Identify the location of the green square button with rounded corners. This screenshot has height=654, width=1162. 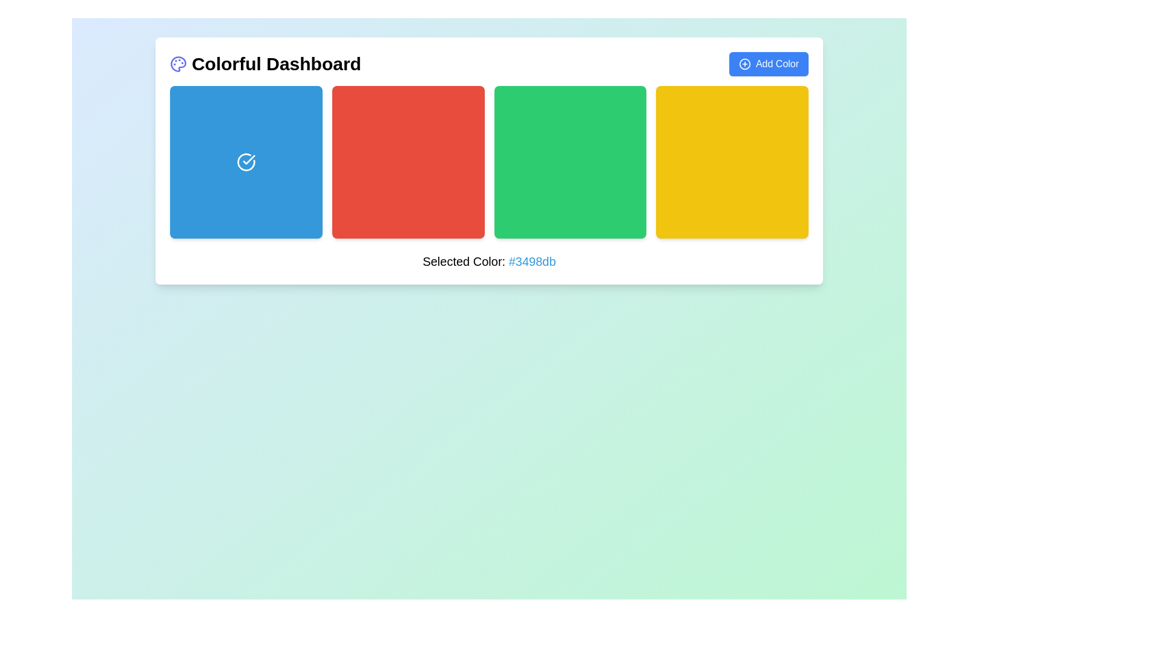
(570, 161).